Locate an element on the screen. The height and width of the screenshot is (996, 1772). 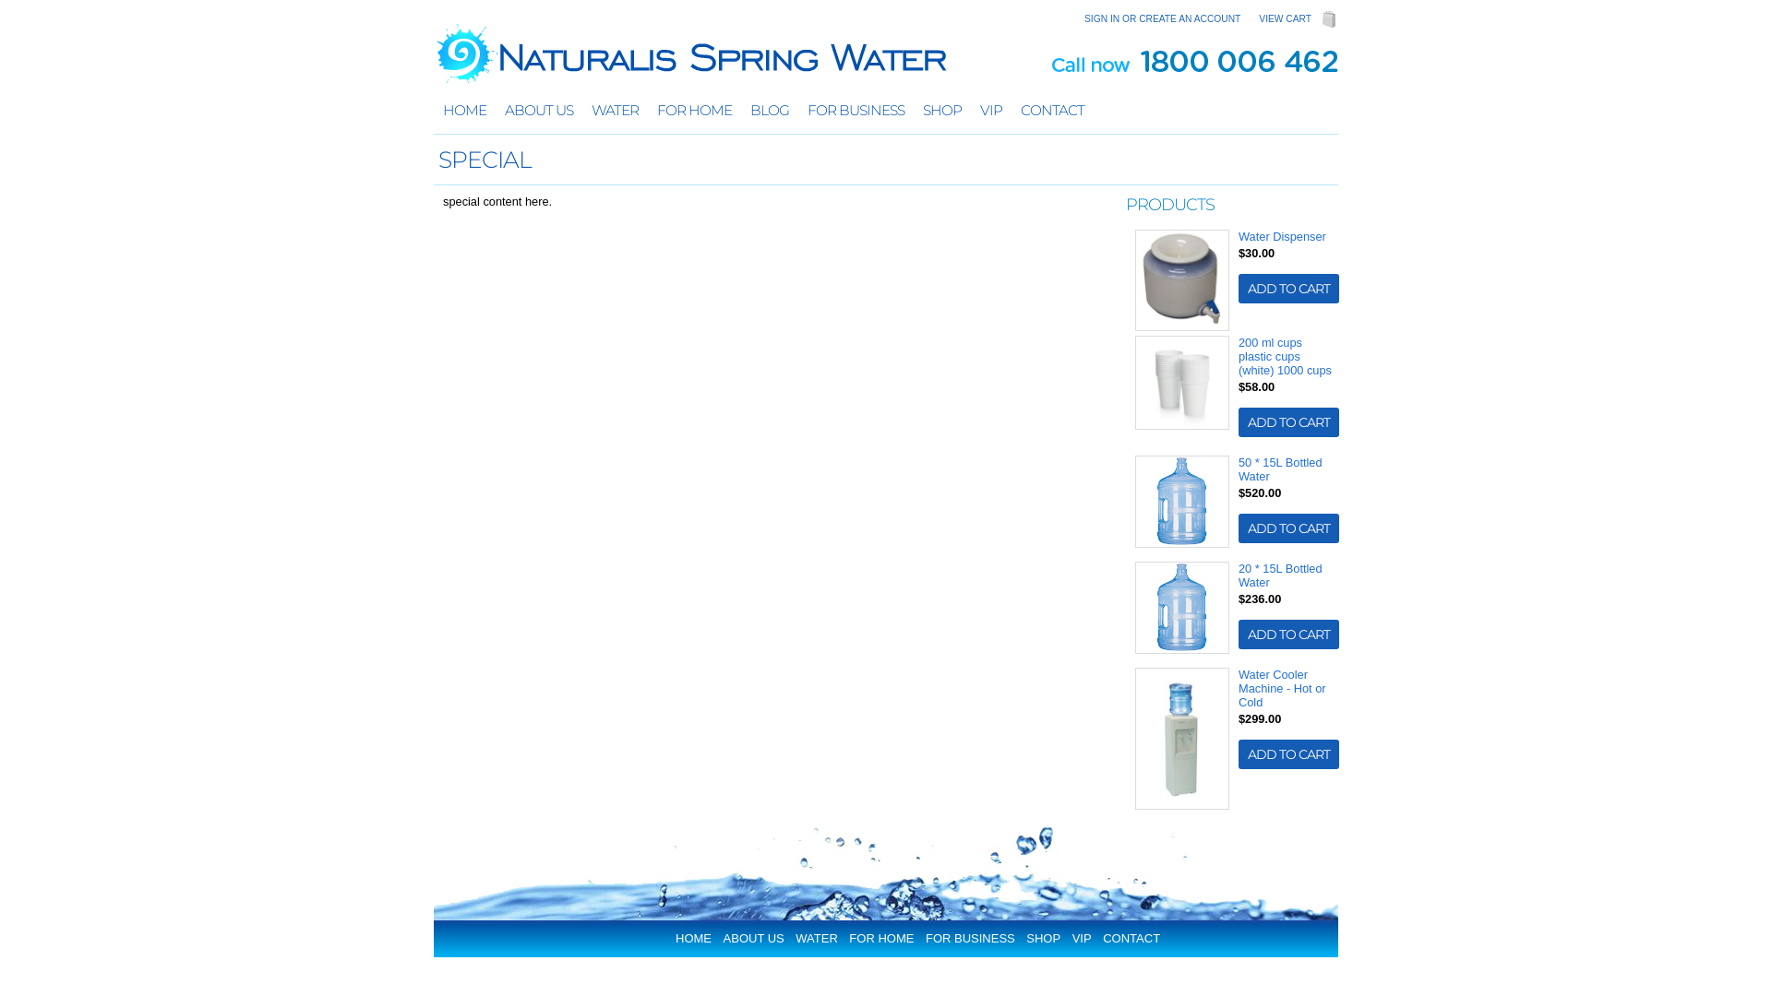
'WATER' is located at coordinates (796, 938).